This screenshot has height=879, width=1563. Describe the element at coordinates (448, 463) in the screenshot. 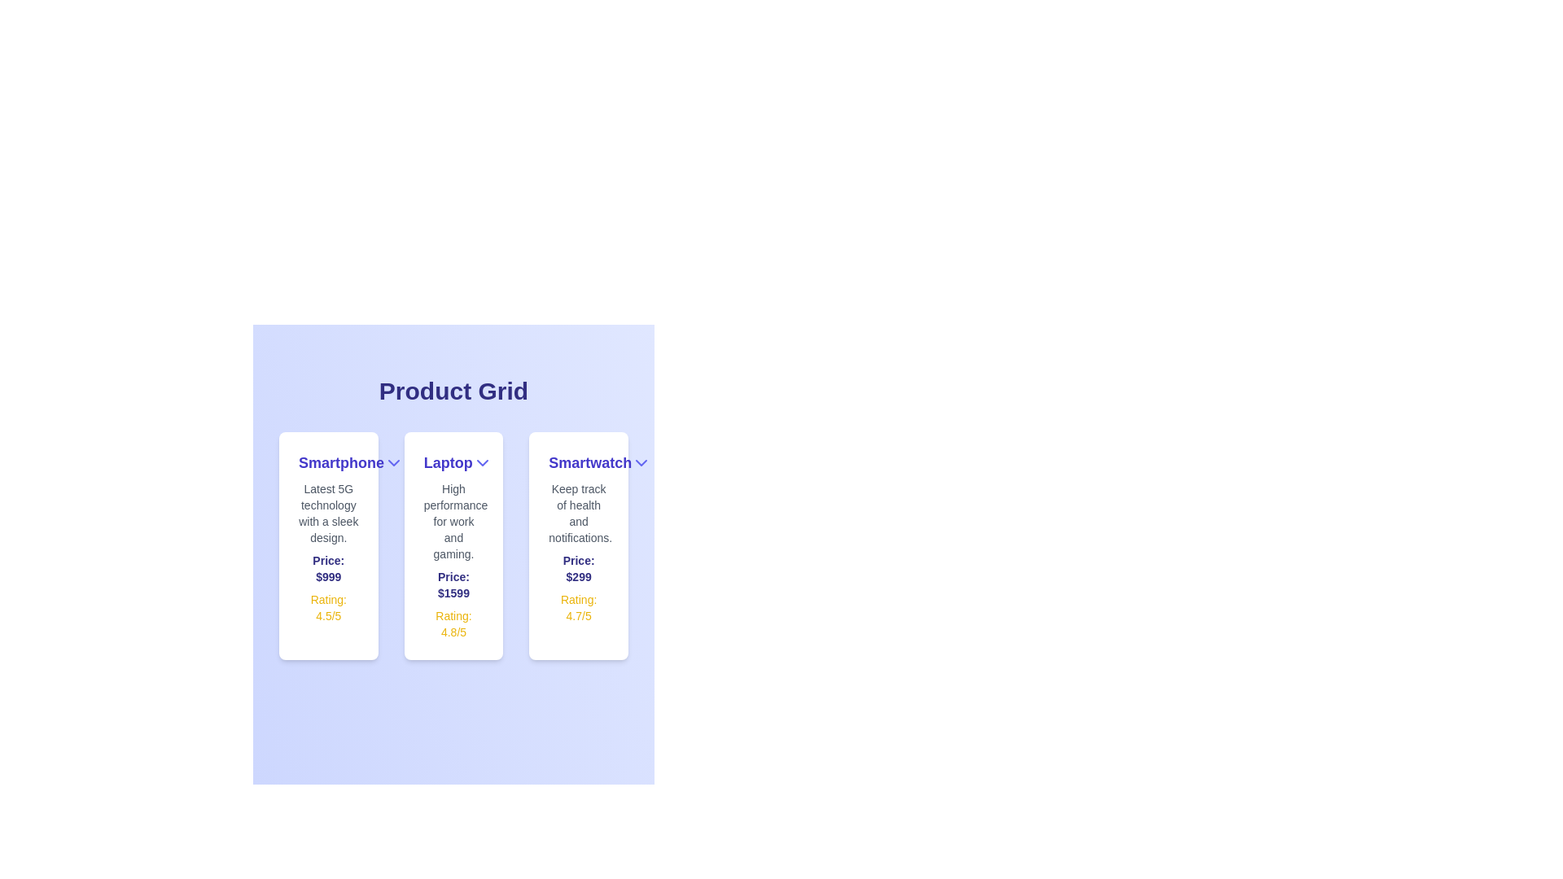

I see `text content of the 'Laptop' label located at the top of the second card in the 'Product Grid'` at that location.